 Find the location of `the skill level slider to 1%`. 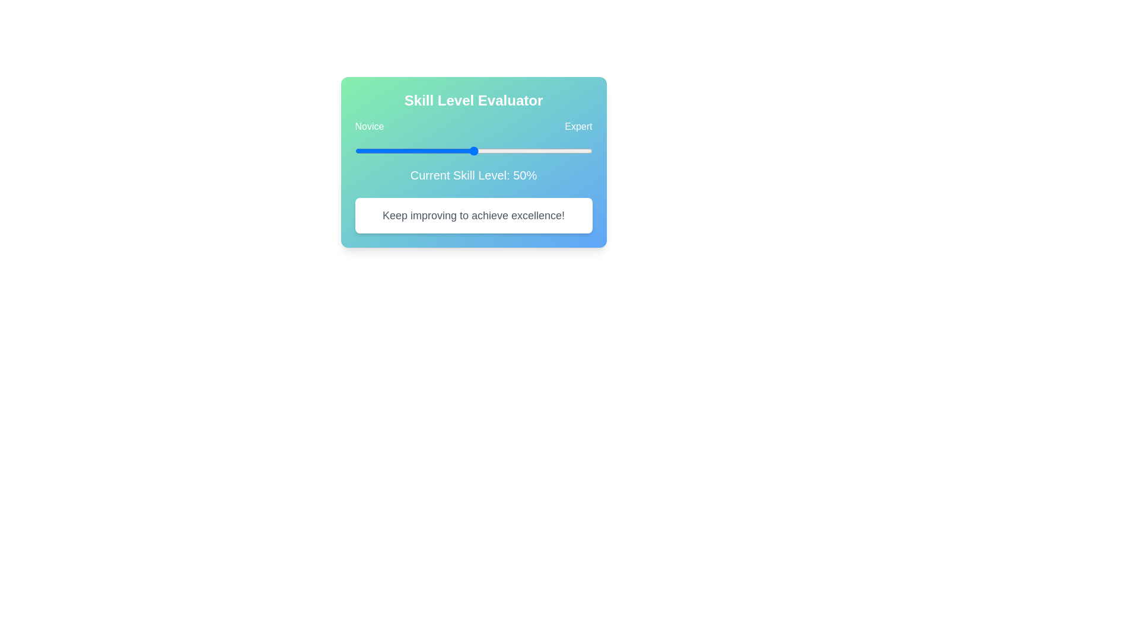

the skill level slider to 1% is located at coordinates (357, 150).